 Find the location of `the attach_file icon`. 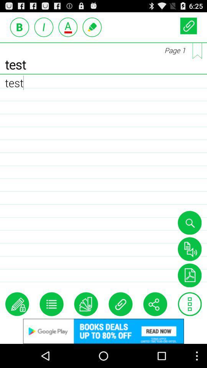

the attach_file icon is located at coordinates (120, 325).